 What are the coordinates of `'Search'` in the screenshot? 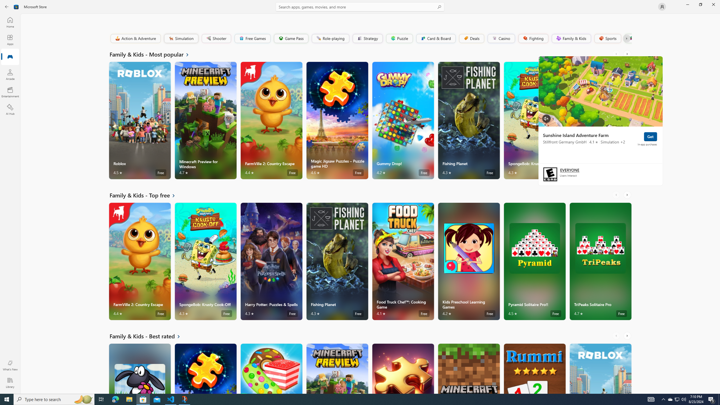 It's located at (360, 6).